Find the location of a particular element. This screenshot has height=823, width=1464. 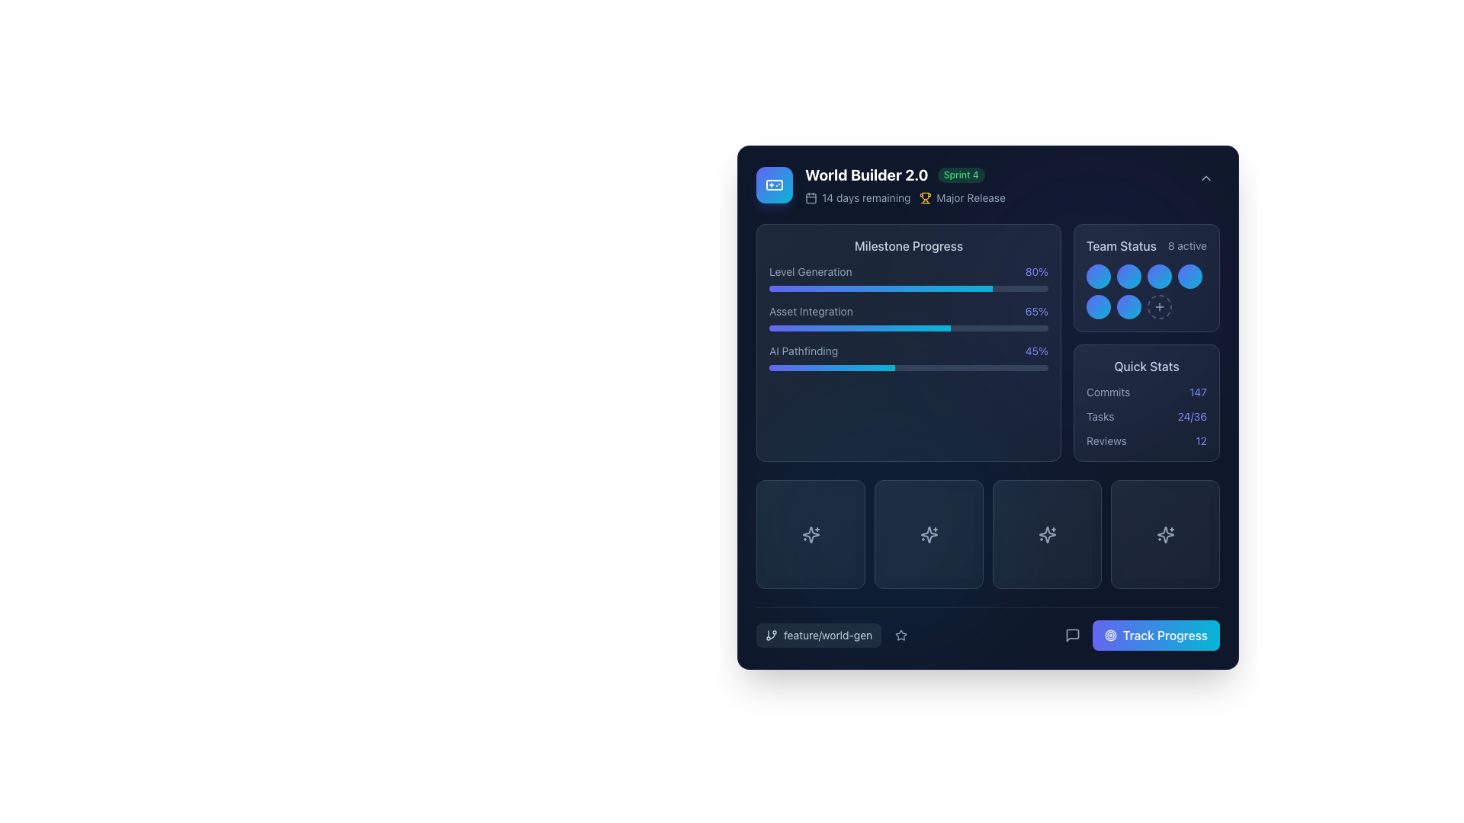

the progress bar that visually represents the progress of the 'Asset Integration' task, which is currently at 65%, located below the 'Asset Integration' label and percentage text within the 'Milestone Progress' group is located at coordinates (908, 328).